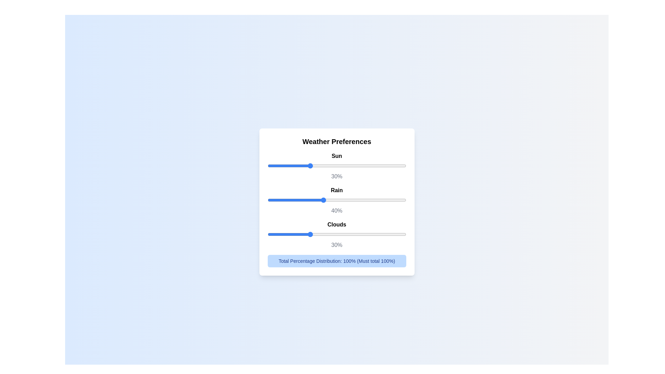 This screenshot has width=665, height=374. Describe the element at coordinates (327, 234) in the screenshot. I see `the 'Clouds' slider to 43%` at that location.